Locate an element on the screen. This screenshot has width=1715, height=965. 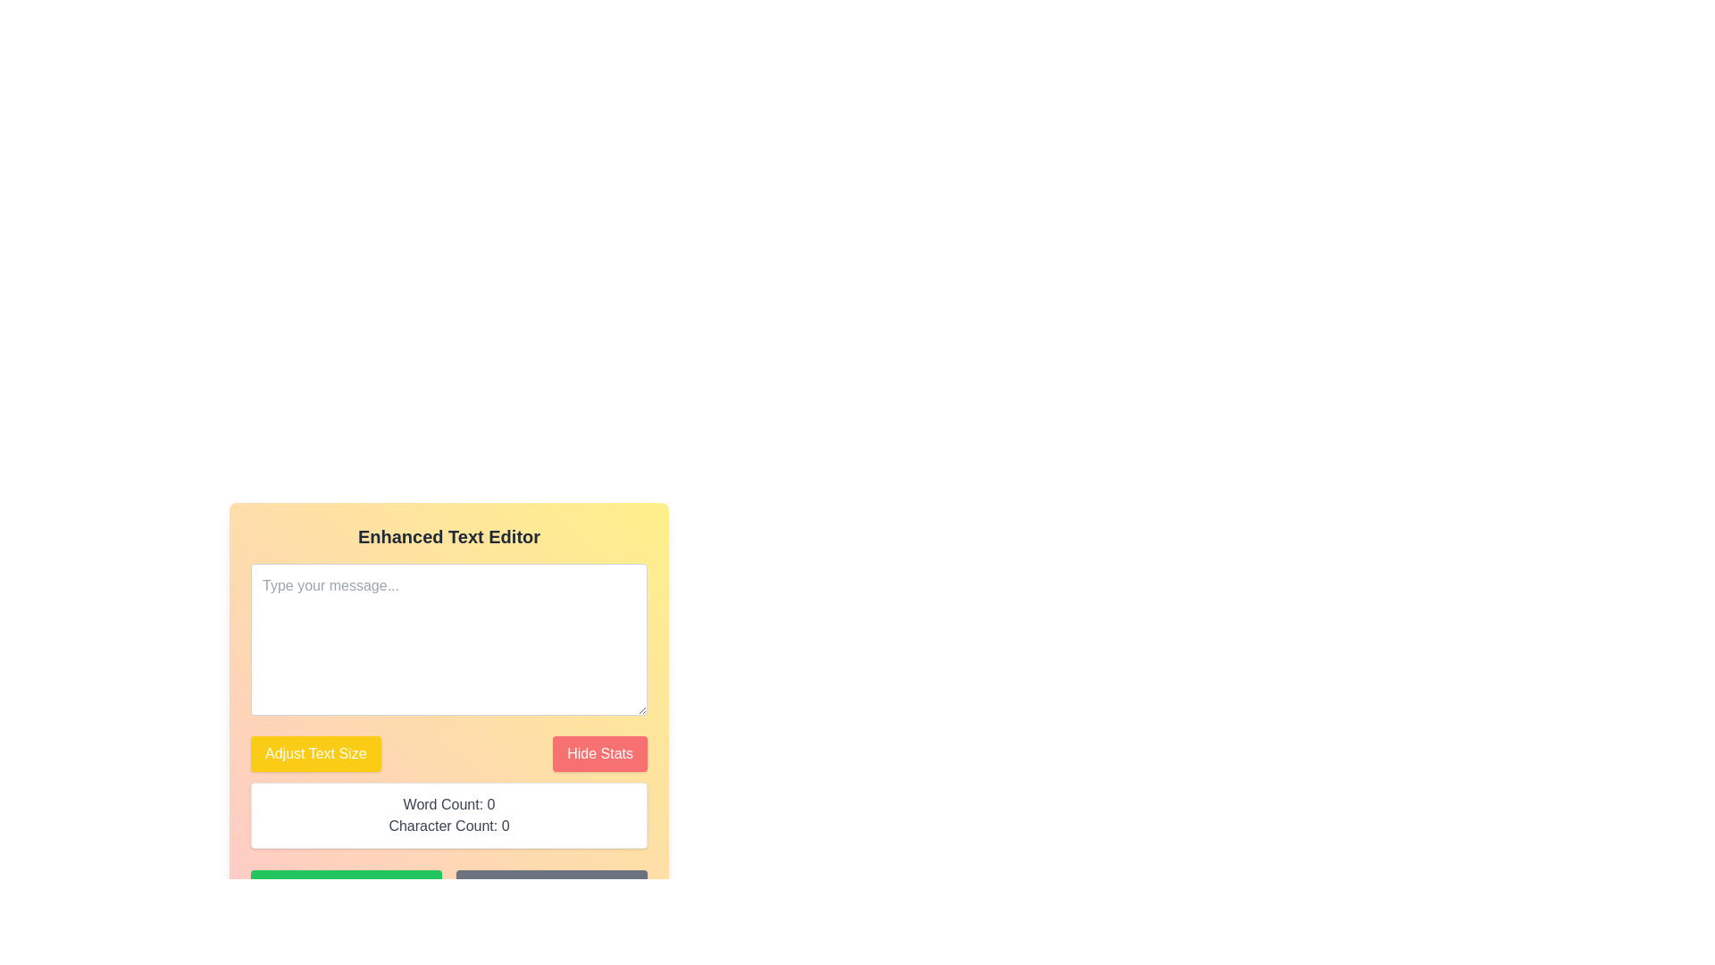
to select text within the Textarea located centrally below the 'Enhanced Text Editor' header and above the buttons labeled 'Adjust Text Size' and 'Hide Stats' is located at coordinates (449, 639).